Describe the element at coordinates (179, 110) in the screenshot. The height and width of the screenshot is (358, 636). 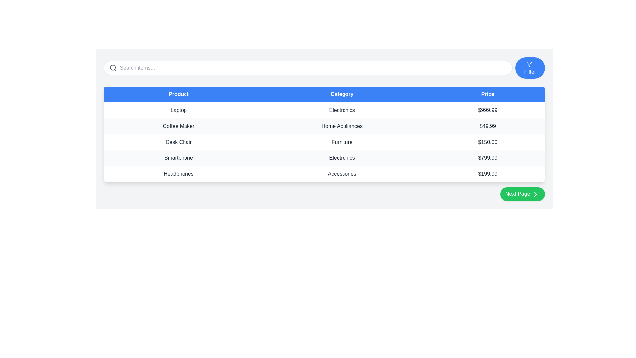
I see `the product name label 'Laptop' in the Product column of the table` at that location.